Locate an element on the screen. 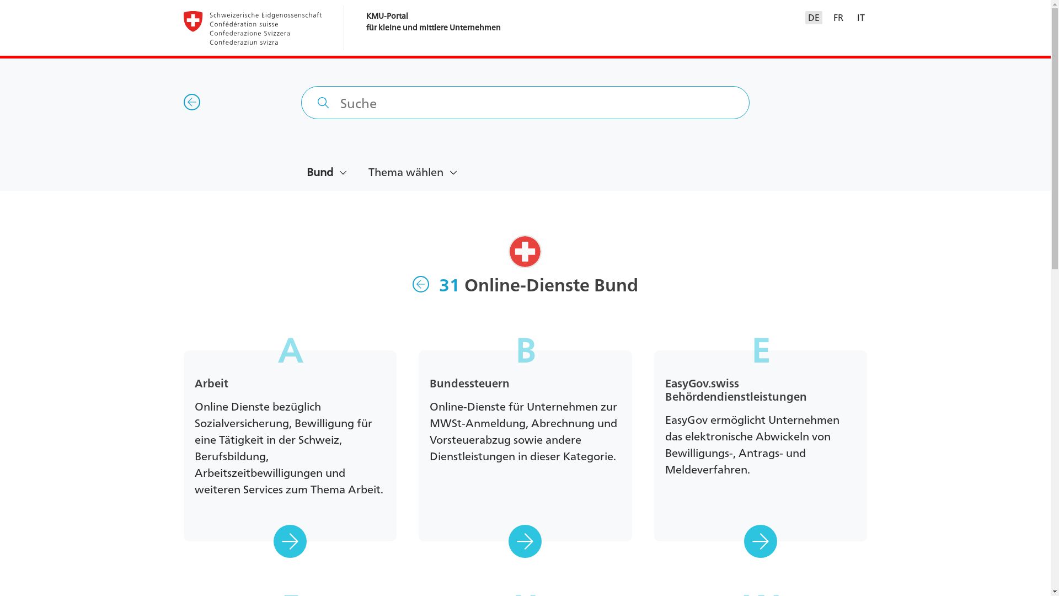 The width and height of the screenshot is (1059, 596). 'Schweiz' is located at coordinates (524, 251).